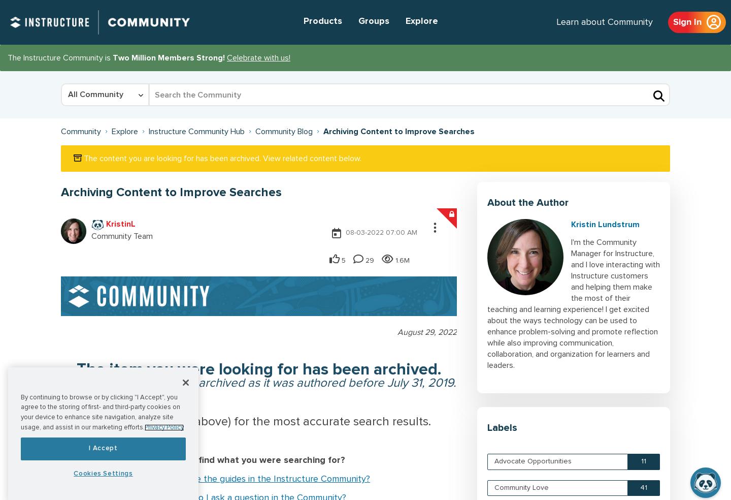 This screenshot has height=500, width=731. What do you see at coordinates (258, 57) in the screenshot?
I see `'Celebrate with us!'` at bounding box center [258, 57].